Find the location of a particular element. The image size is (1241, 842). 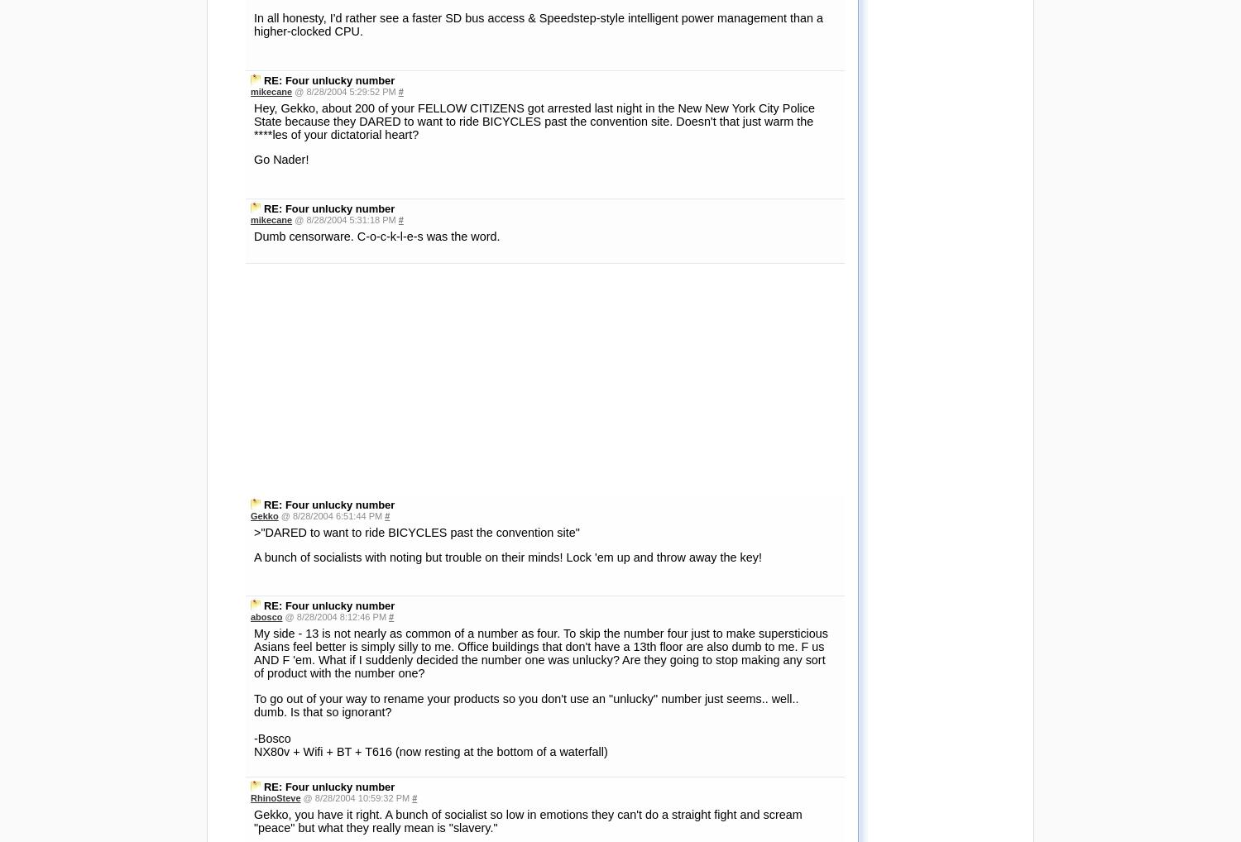

'NX80v + Wifi + BT + T616 (now resting at the bottom of a waterfall)' is located at coordinates (430, 519).